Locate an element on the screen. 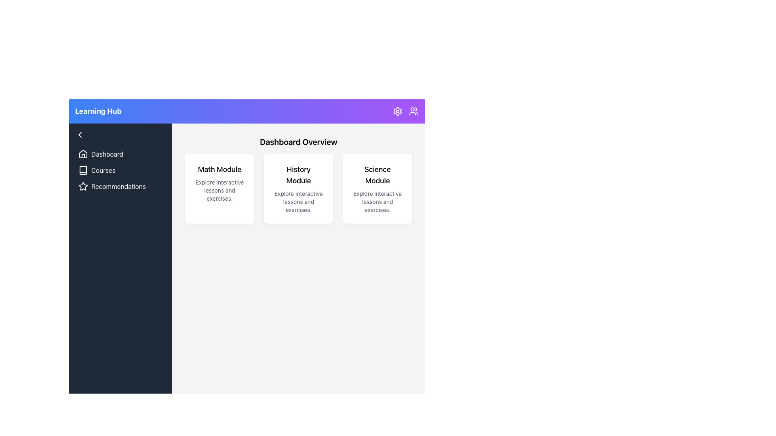  the 'Courses' icon in the sidebar navigation menu, which is positioned to the left of the text label 'Courses' is located at coordinates (83, 170).